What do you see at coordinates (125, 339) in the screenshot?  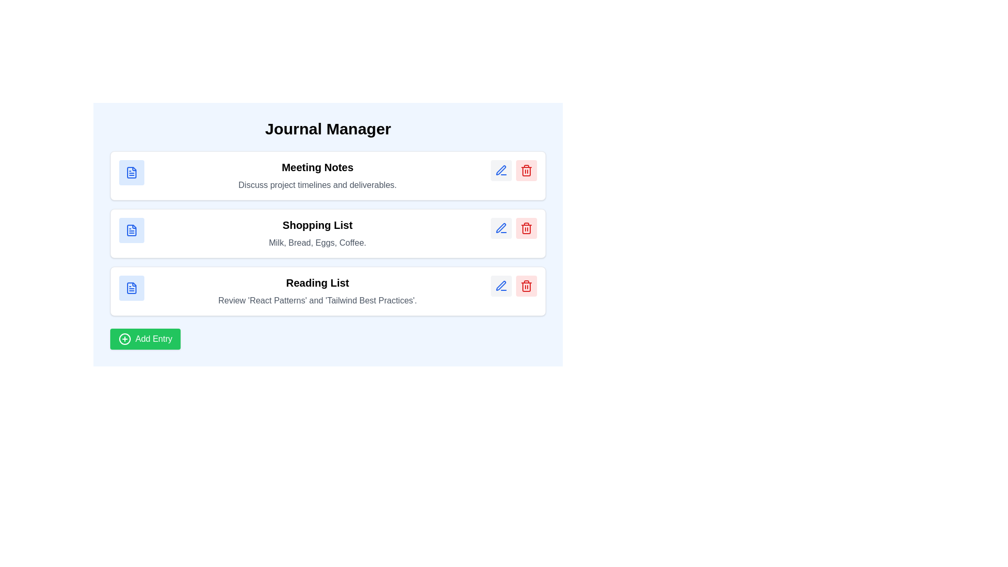 I see `the circular green icon with a white plus sign at its center, located within the bottom-left of the 'Add Entry' button` at bounding box center [125, 339].